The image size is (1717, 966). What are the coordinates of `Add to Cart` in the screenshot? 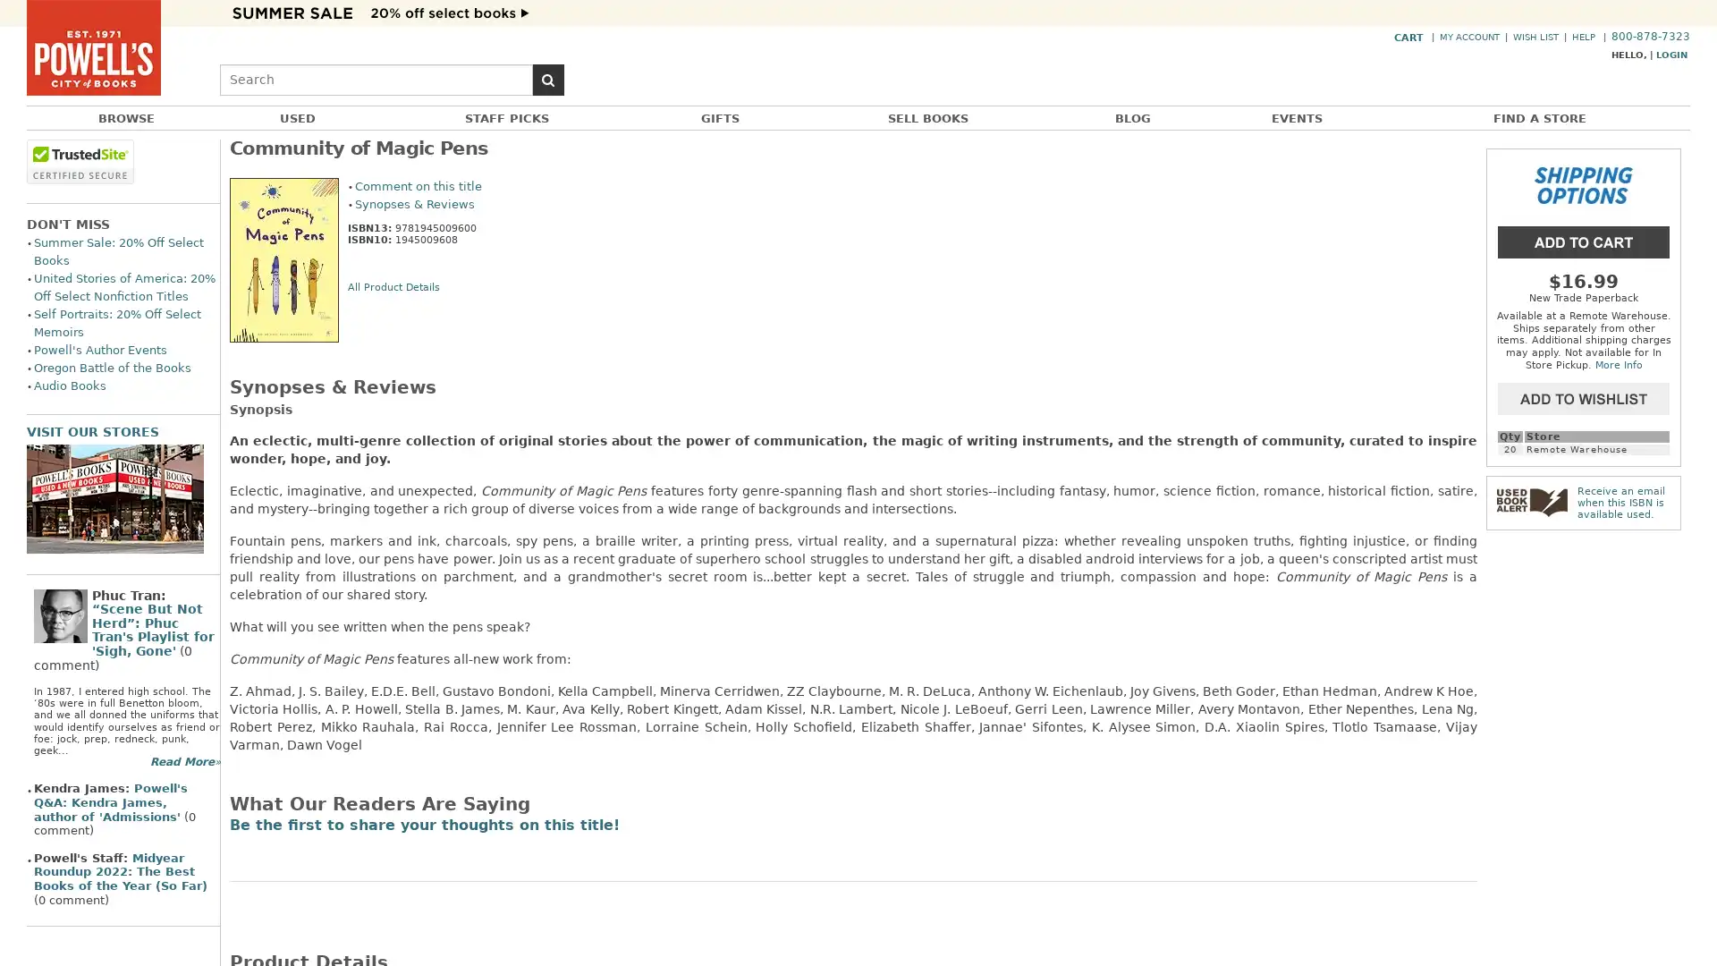 It's located at (1584, 240).